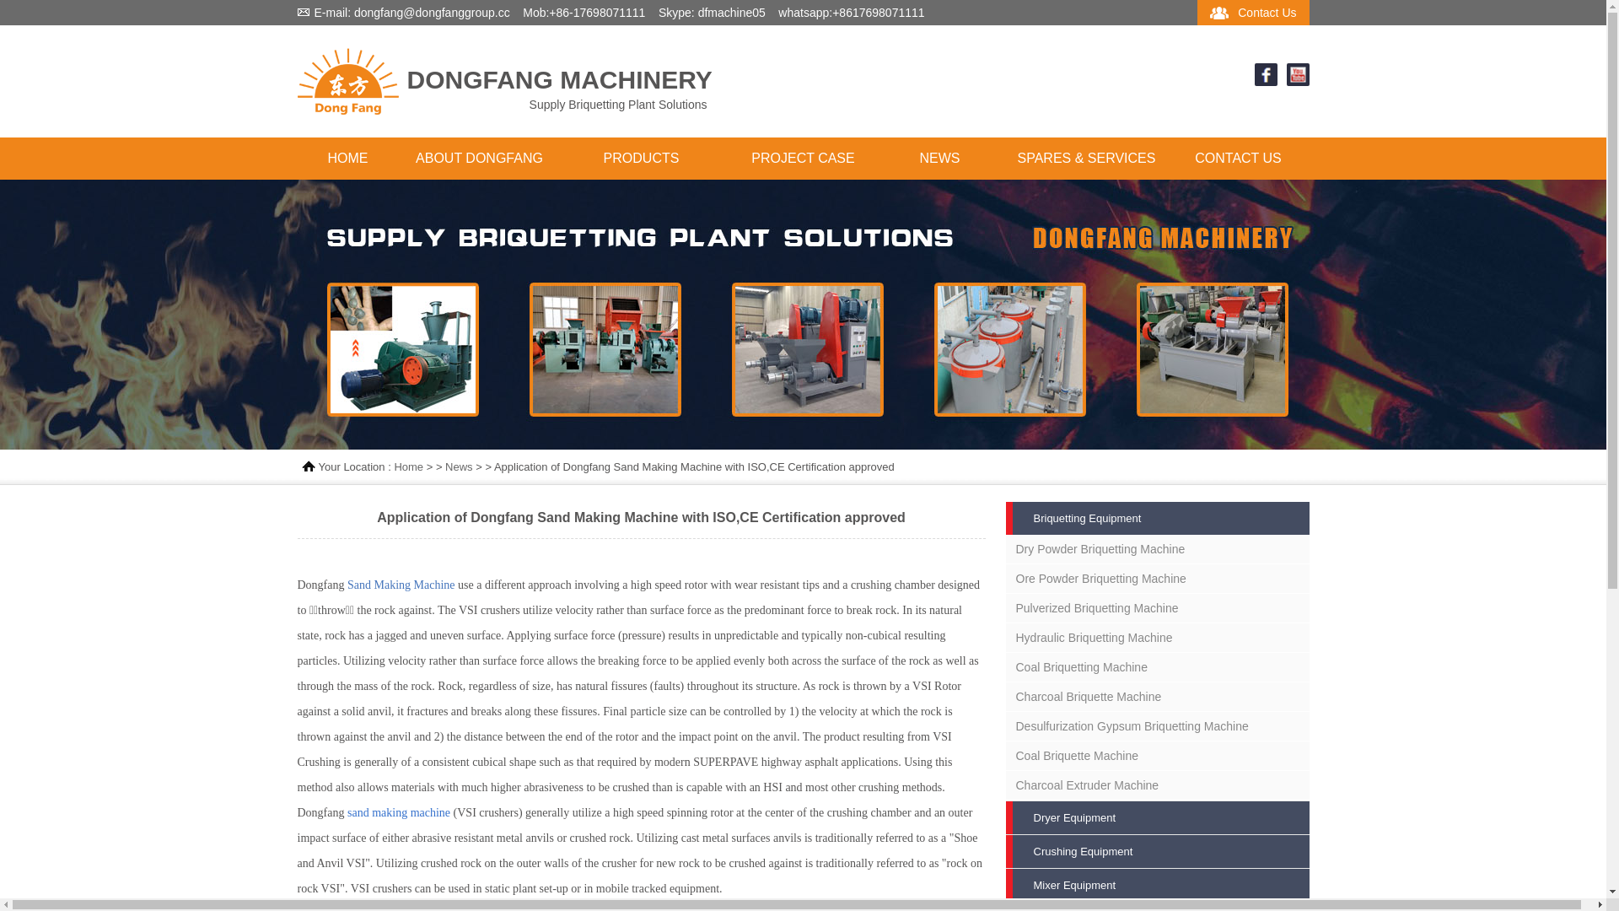 Image resolution: width=1619 pixels, height=911 pixels. Describe the element at coordinates (1156, 817) in the screenshot. I see `'Dryer Equipment'` at that location.